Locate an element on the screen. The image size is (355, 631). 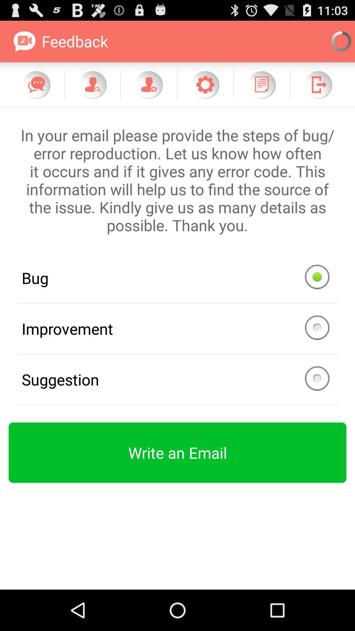
search contact is located at coordinates (92, 84).